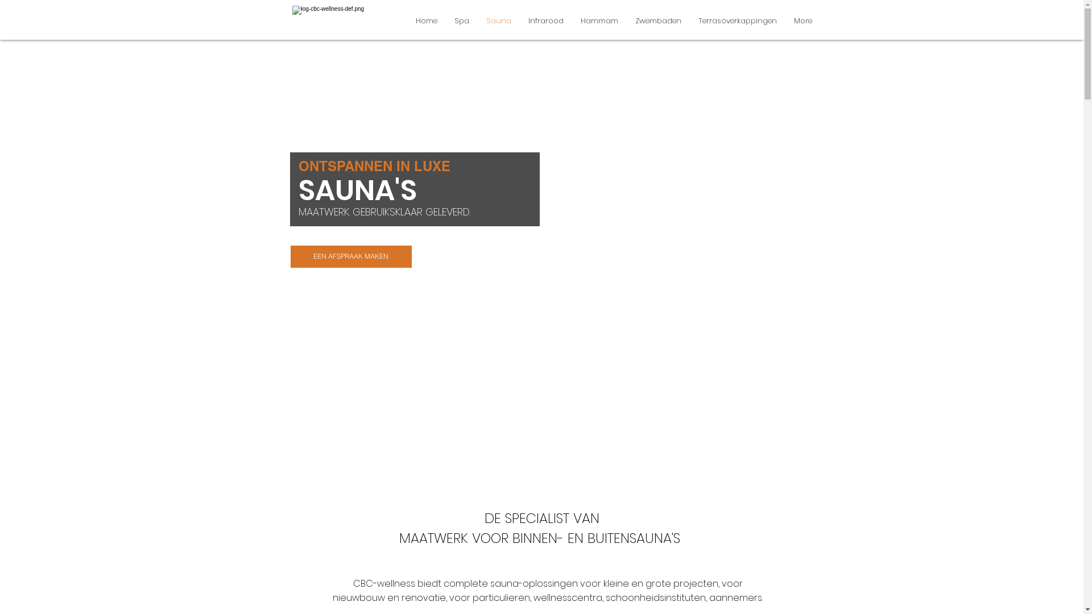 The width and height of the screenshot is (1092, 614). What do you see at coordinates (737, 20) in the screenshot?
I see `'Terrasoverkappingen'` at bounding box center [737, 20].